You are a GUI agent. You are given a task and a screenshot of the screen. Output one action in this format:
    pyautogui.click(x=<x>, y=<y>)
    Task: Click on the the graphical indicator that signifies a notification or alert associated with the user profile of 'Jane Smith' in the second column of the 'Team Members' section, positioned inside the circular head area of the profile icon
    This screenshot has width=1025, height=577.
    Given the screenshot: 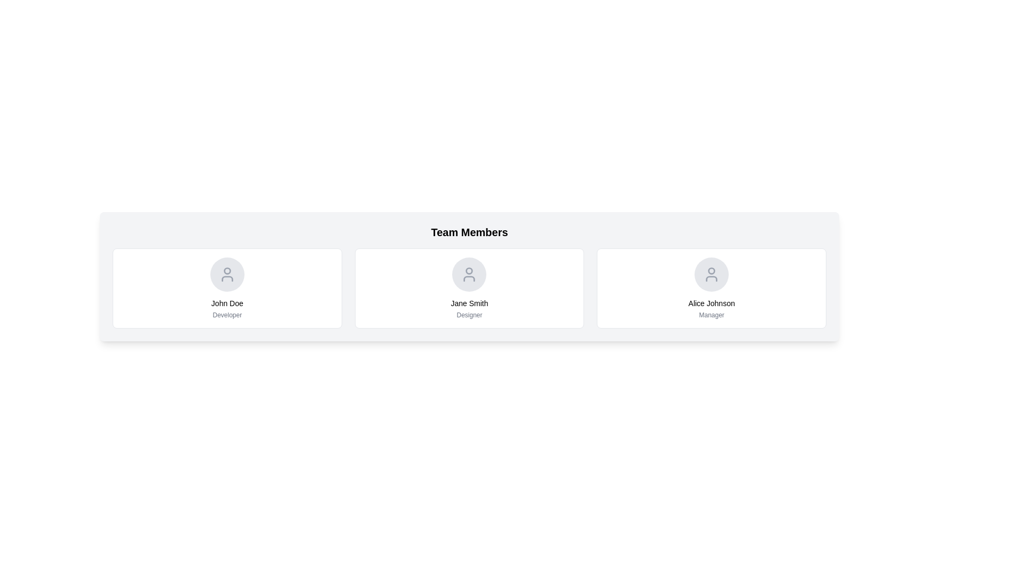 What is the action you would take?
    pyautogui.click(x=469, y=270)
    